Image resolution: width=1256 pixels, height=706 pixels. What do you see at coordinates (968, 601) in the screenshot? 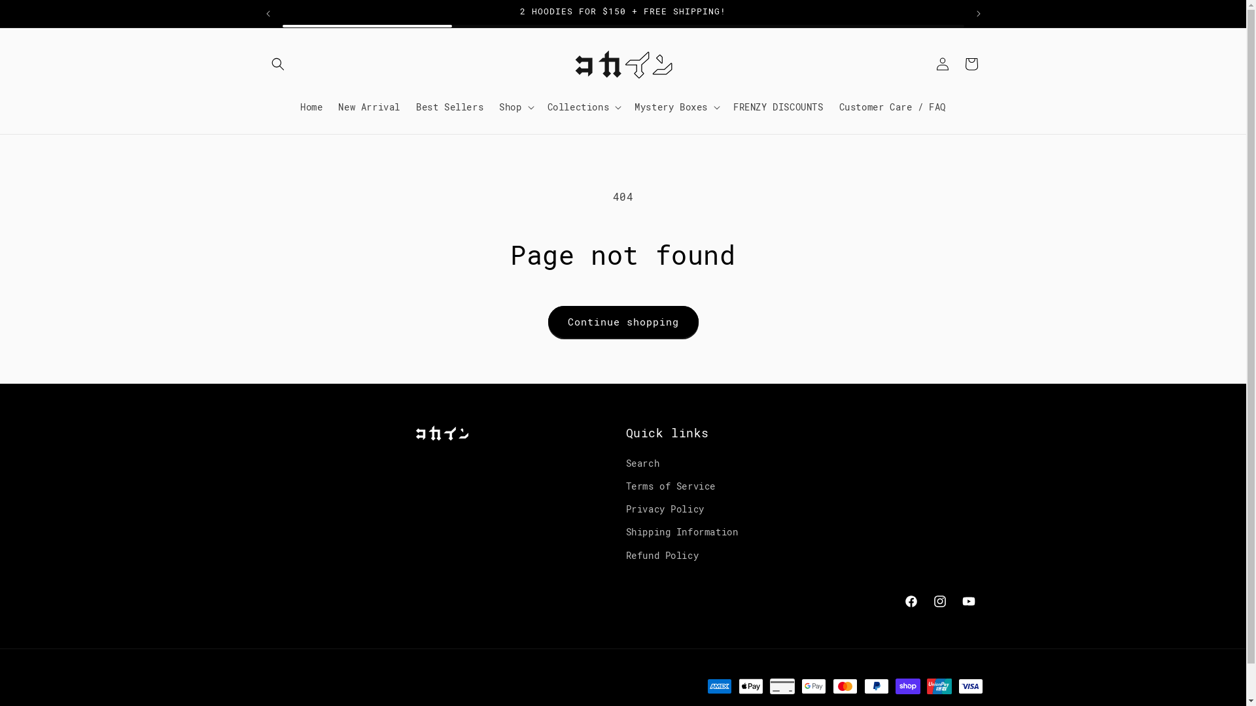
I see `'YouTube'` at bounding box center [968, 601].